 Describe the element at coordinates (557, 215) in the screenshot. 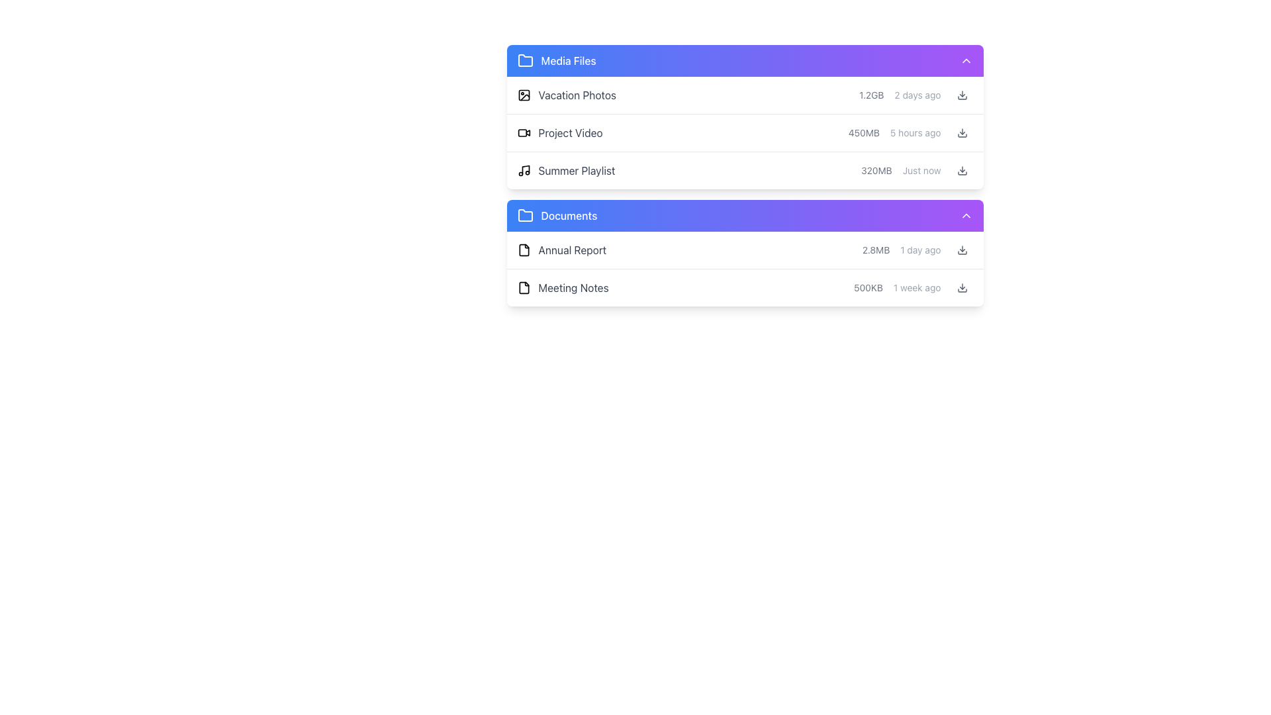

I see `the 'Documents' text in the folder icon element` at that location.